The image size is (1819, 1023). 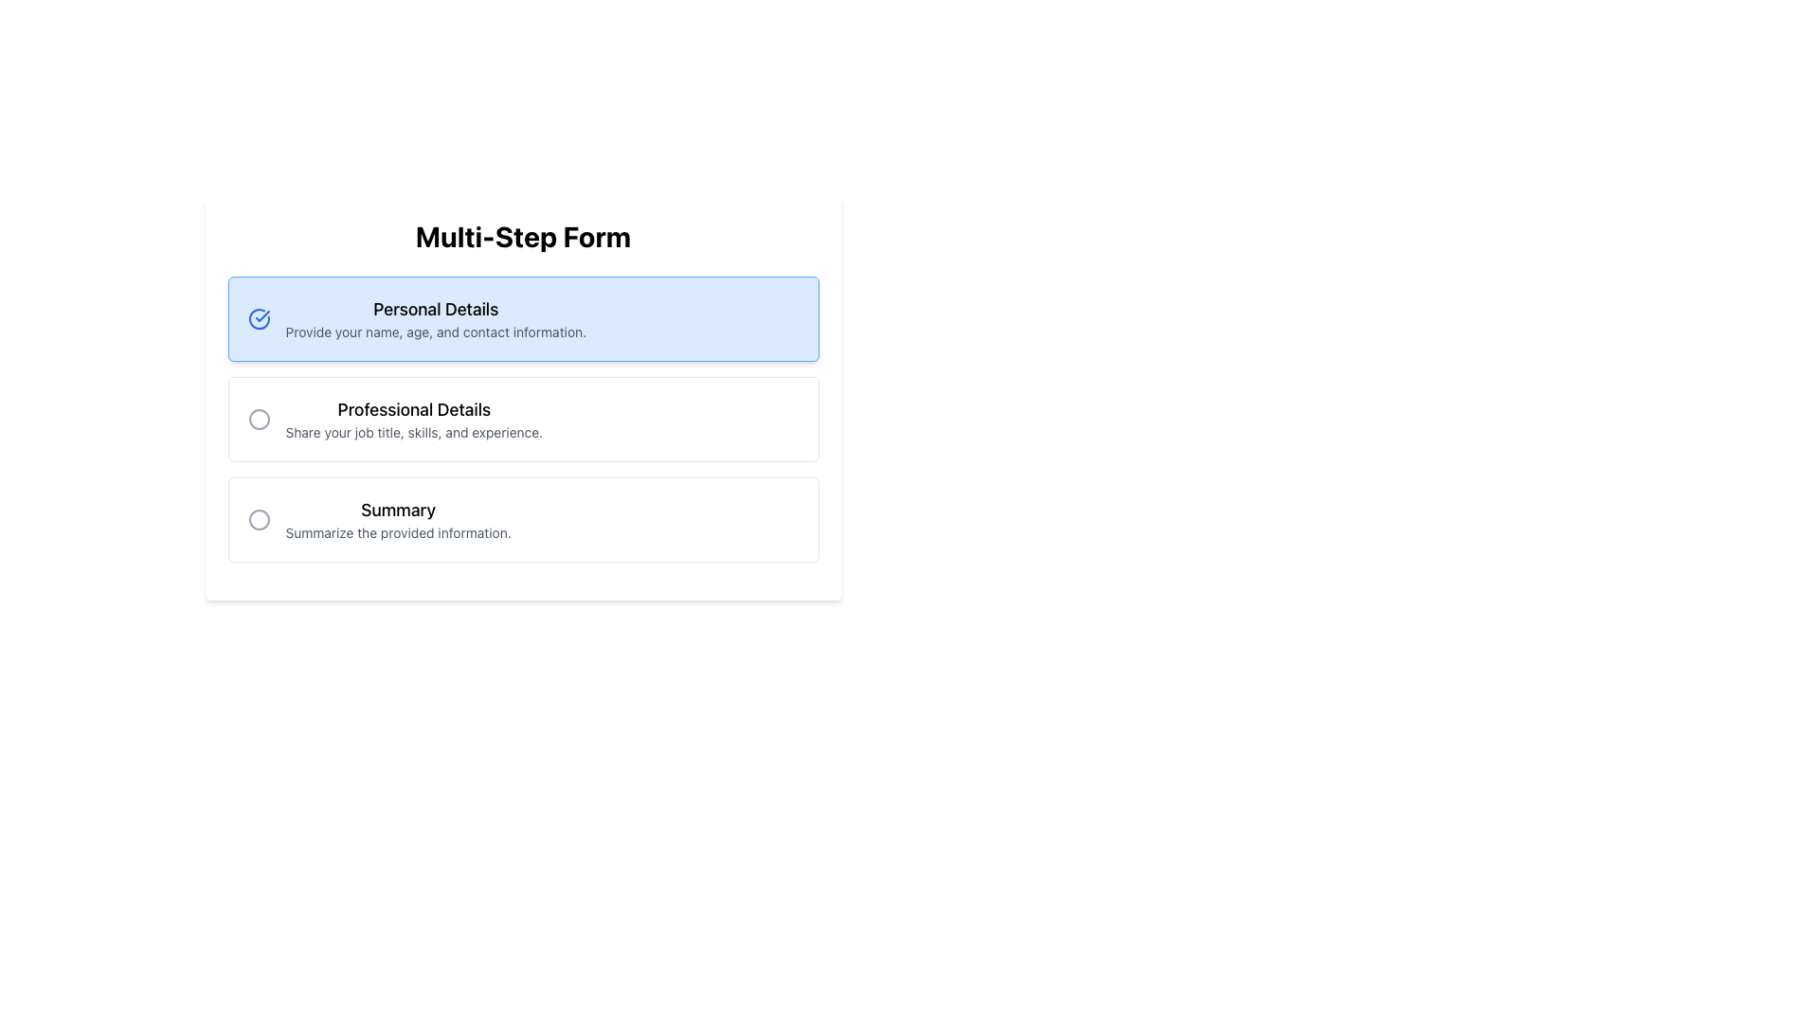 I want to click on explanatory text label located below the 'Summary' label in the multi-step form to clarify its purpose to the user, so click(x=397, y=533).